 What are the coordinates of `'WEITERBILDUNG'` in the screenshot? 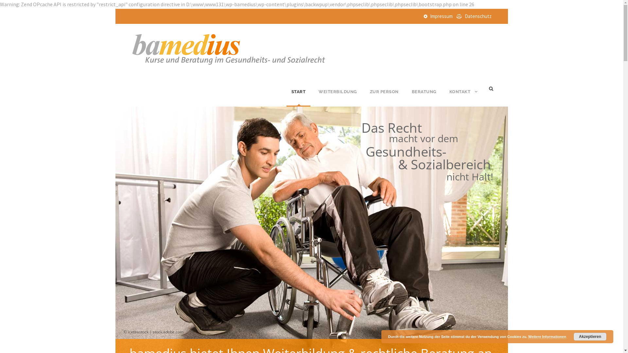 It's located at (319, 97).